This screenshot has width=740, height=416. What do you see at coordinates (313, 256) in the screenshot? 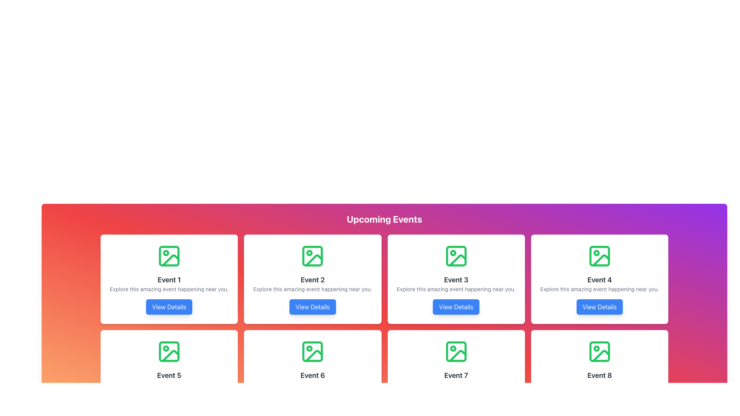
I see `the decorative visual element within the green image placeholder of the event card labeled 'Event 2', located in the top row, second card of the grid layout` at bounding box center [313, 256].